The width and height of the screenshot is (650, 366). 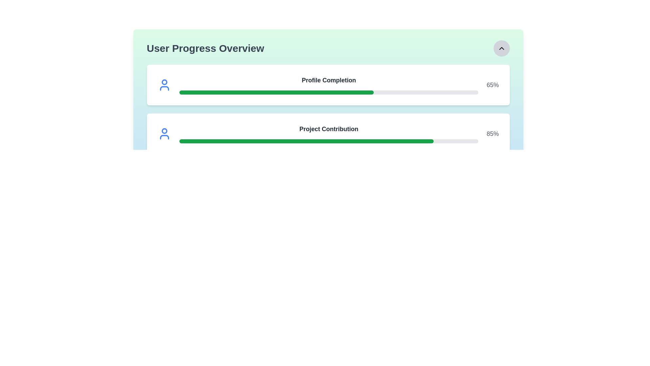 What do you see at coordinates (164, 82) in the screenshot?
I see `the small circular shape located in the upper portion of the user icon symbol, which is part of a larger graphic representing a user profile` at bounding box center [164, 82].